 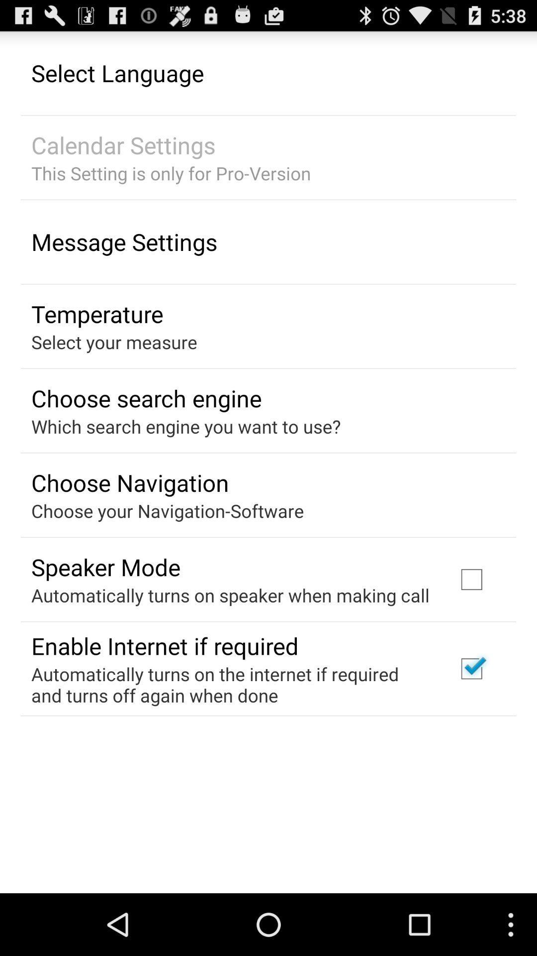 I want to click on the item above the automatically turns on item, so click(x=105, y=567).